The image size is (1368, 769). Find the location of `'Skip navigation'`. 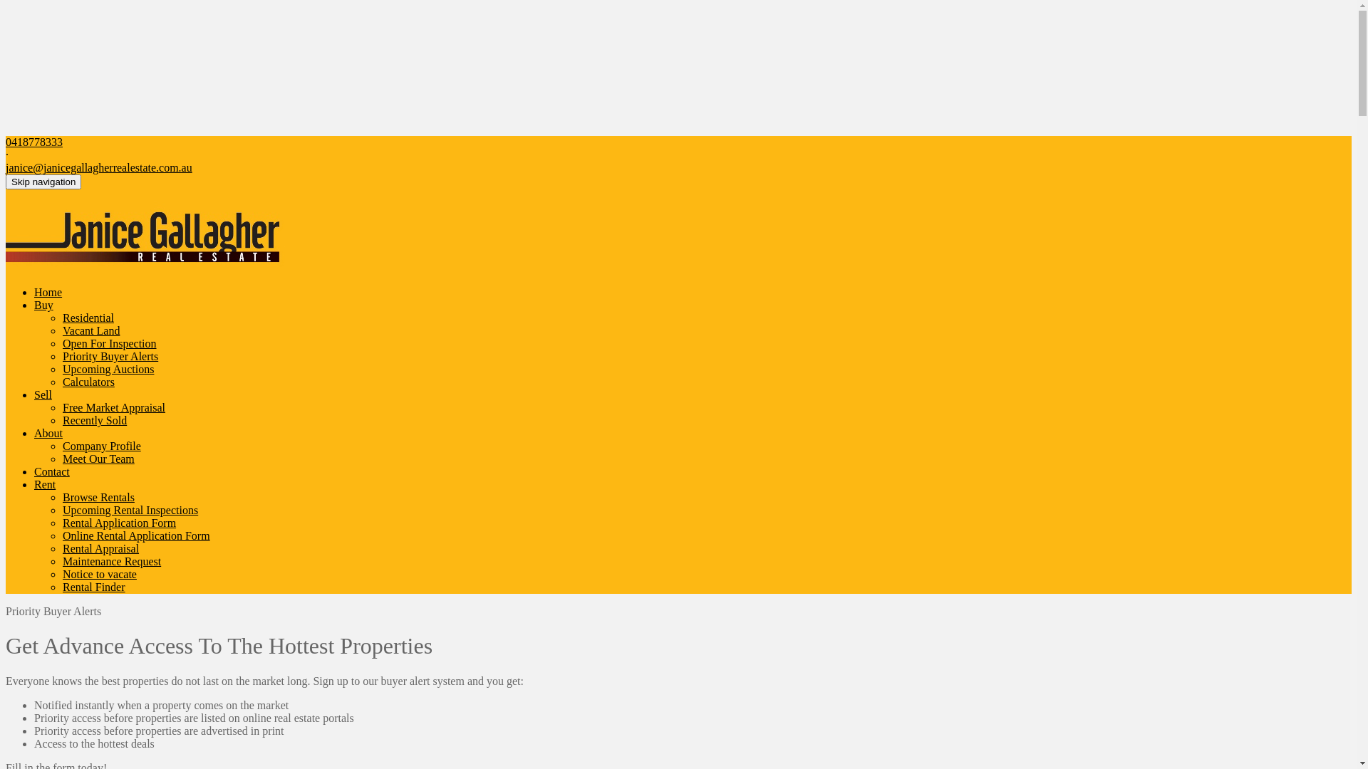

'Skip navigation' is located at coordinates (6, 181).